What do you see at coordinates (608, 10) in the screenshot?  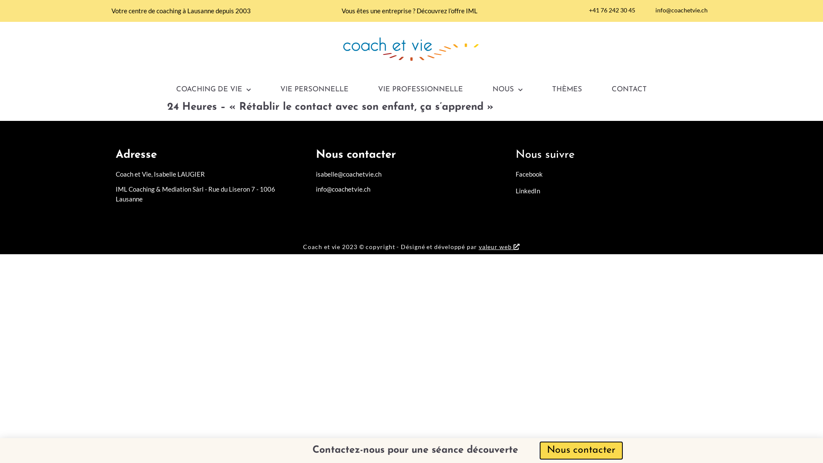 I see `'+41 76 242 30 45'` at bounding box center [608, 10].